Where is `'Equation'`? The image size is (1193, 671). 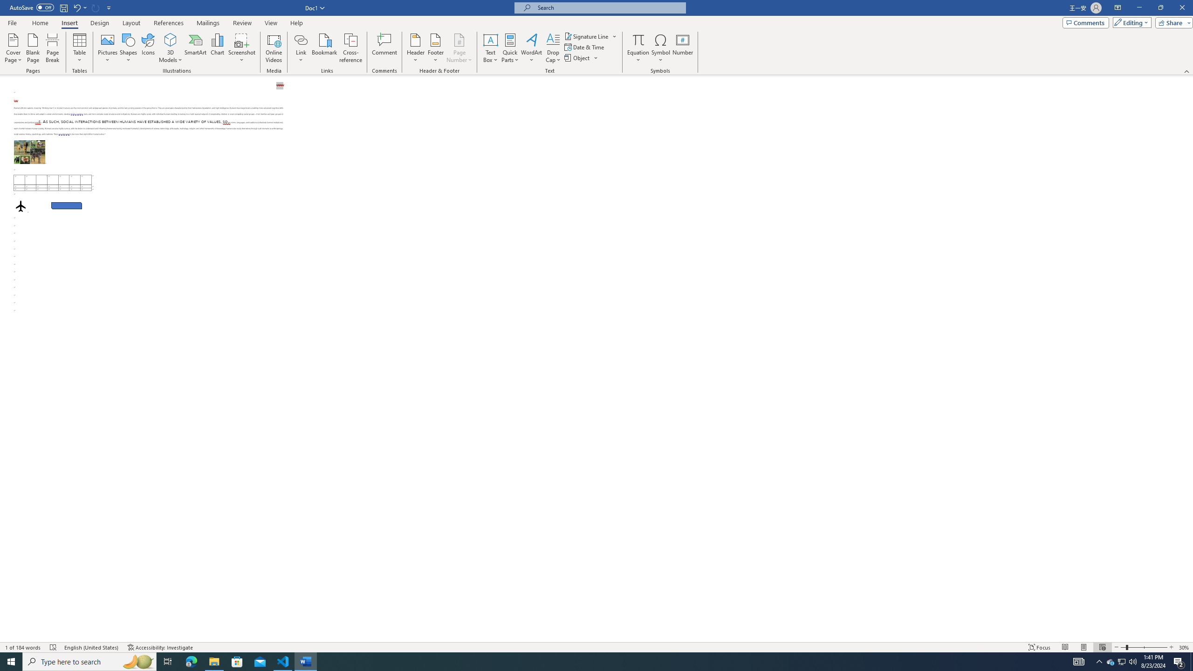
'Equation' is located at coordinates (638, 39).